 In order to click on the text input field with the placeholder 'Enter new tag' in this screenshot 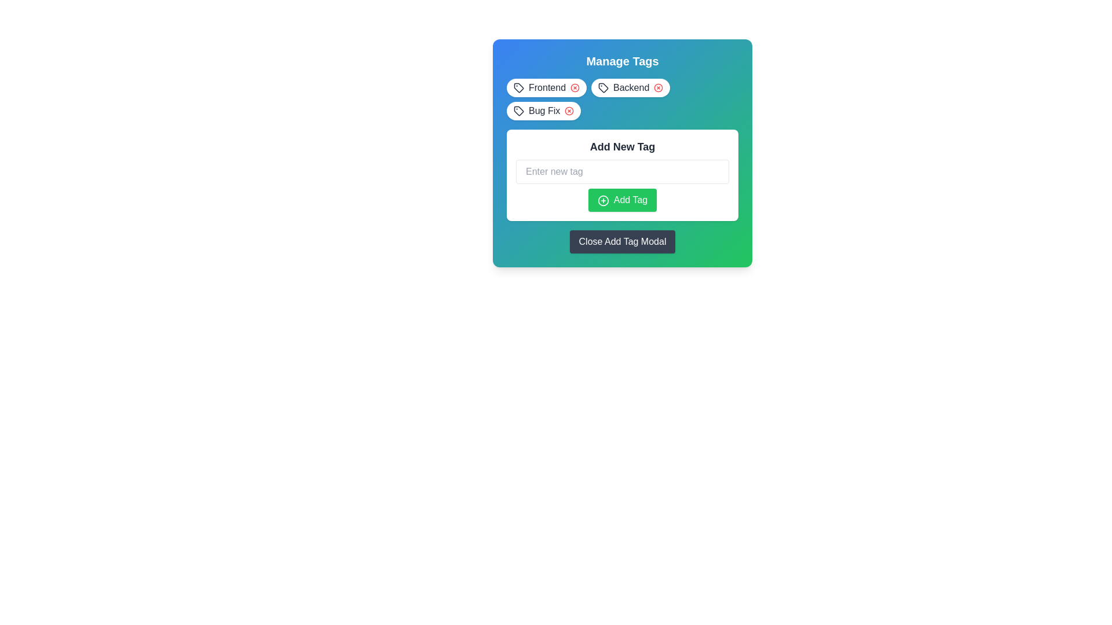, I will do `click(622, 172)`.